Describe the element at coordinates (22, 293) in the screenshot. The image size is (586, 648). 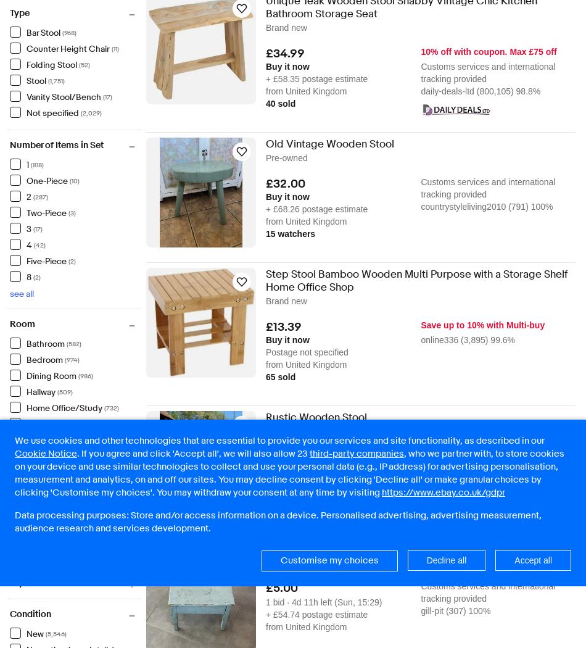
I see `'see all'` at that location.